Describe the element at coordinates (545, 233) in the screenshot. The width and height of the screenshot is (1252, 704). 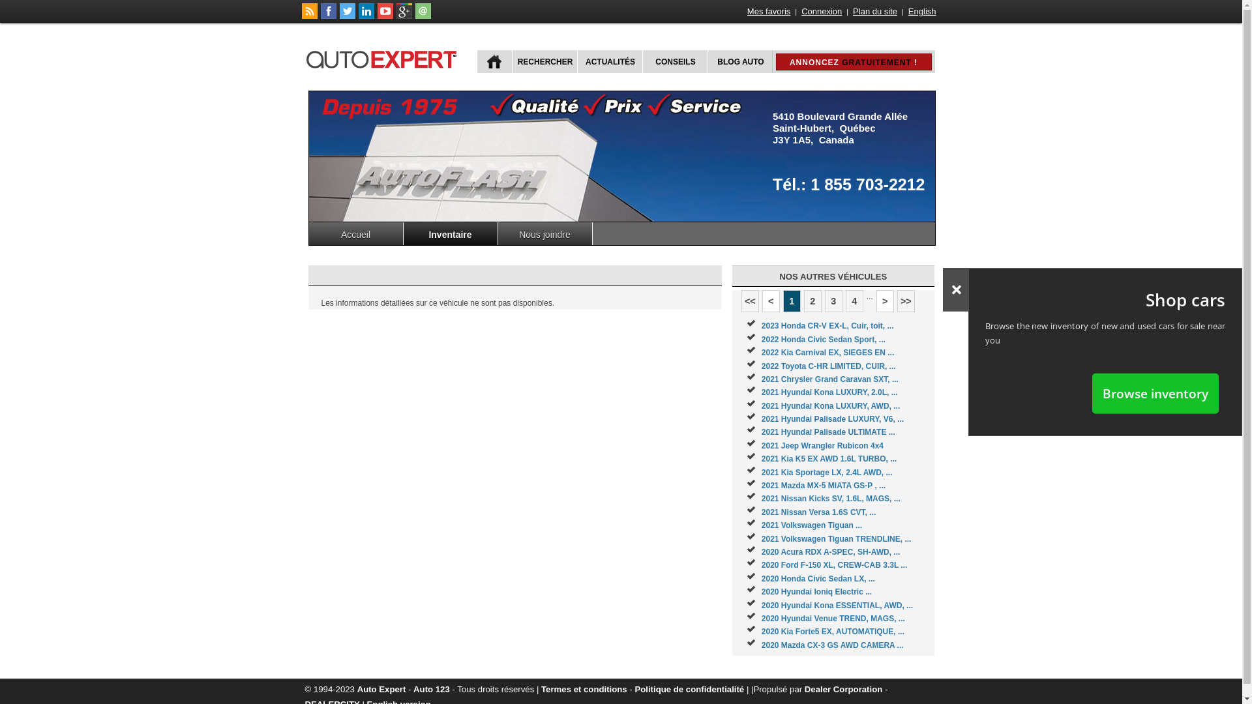
I see `'Nous joindre'` at that location.